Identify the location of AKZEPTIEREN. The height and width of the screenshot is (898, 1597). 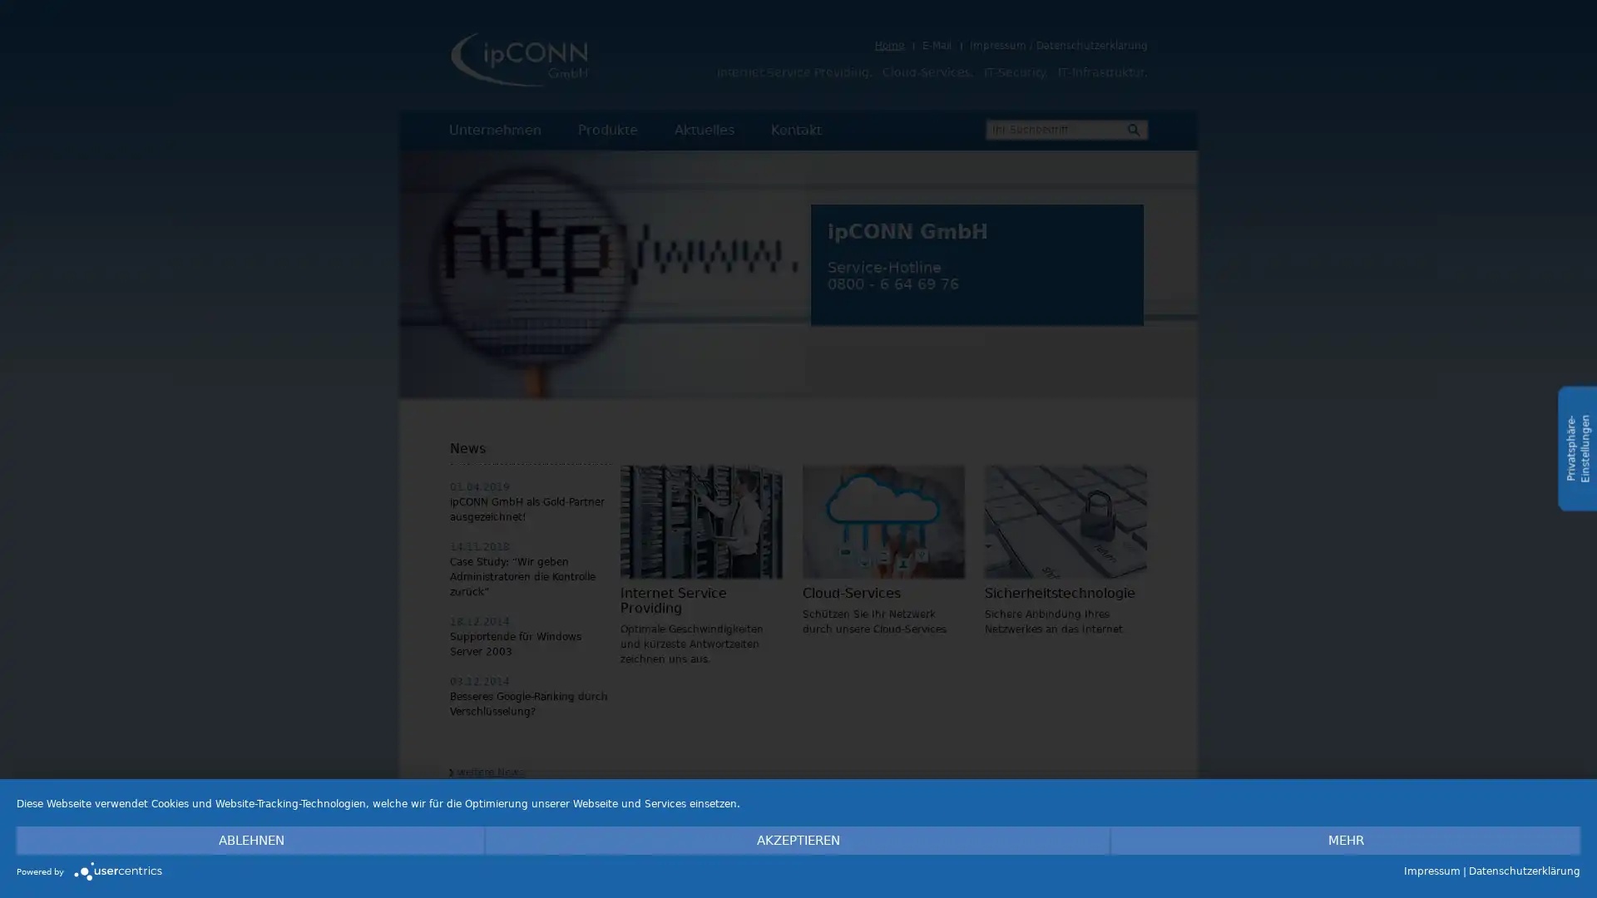
(798, 840).